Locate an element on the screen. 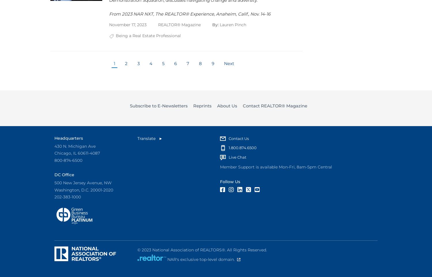 The image size is (432, 277). 'Lauren Pinch' is located at coordinates (233, 25).